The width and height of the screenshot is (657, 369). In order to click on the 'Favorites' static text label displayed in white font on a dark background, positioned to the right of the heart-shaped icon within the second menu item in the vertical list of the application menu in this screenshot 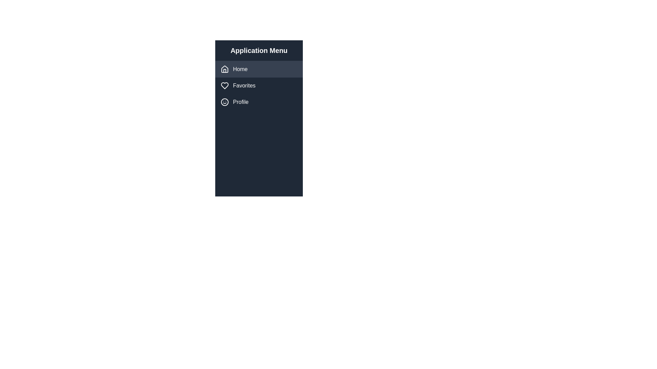, I will do `click(244, 85)`.